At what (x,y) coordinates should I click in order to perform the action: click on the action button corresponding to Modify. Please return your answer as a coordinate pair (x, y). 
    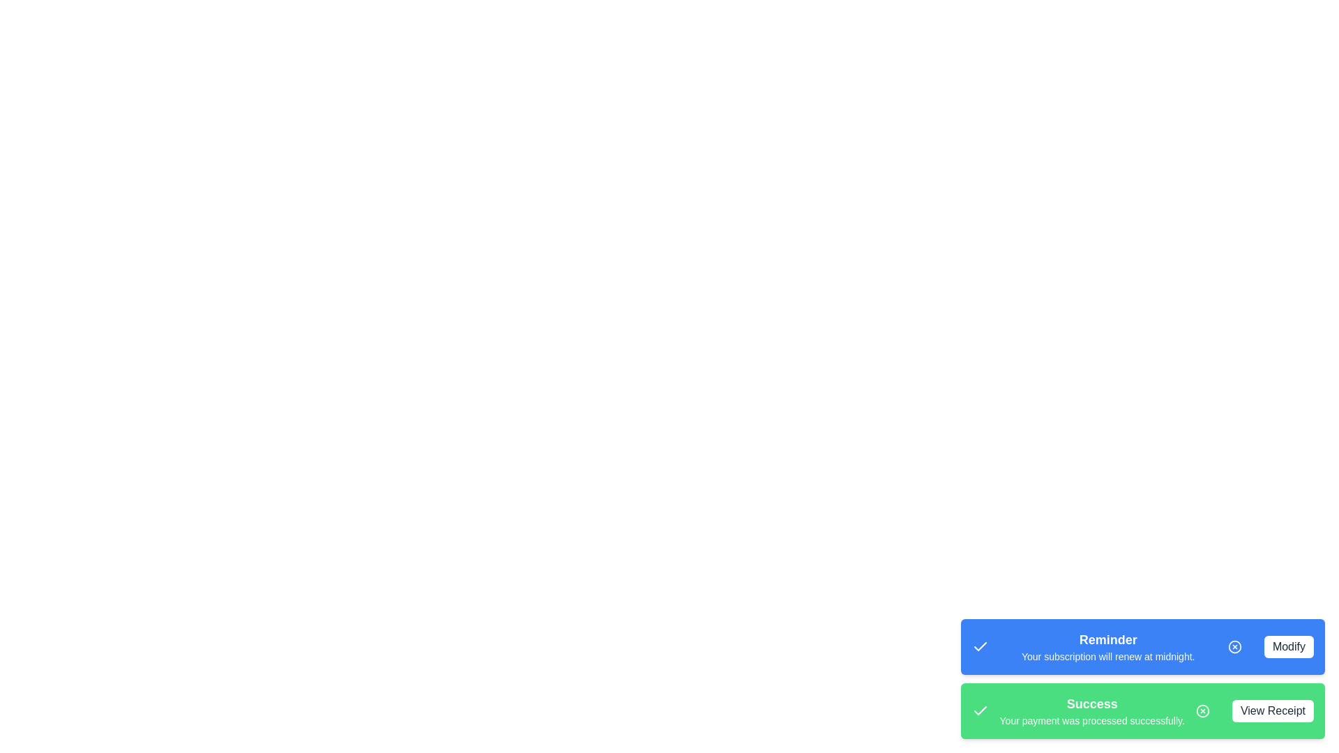
    Looking at the image, I should click on (1288, 647).